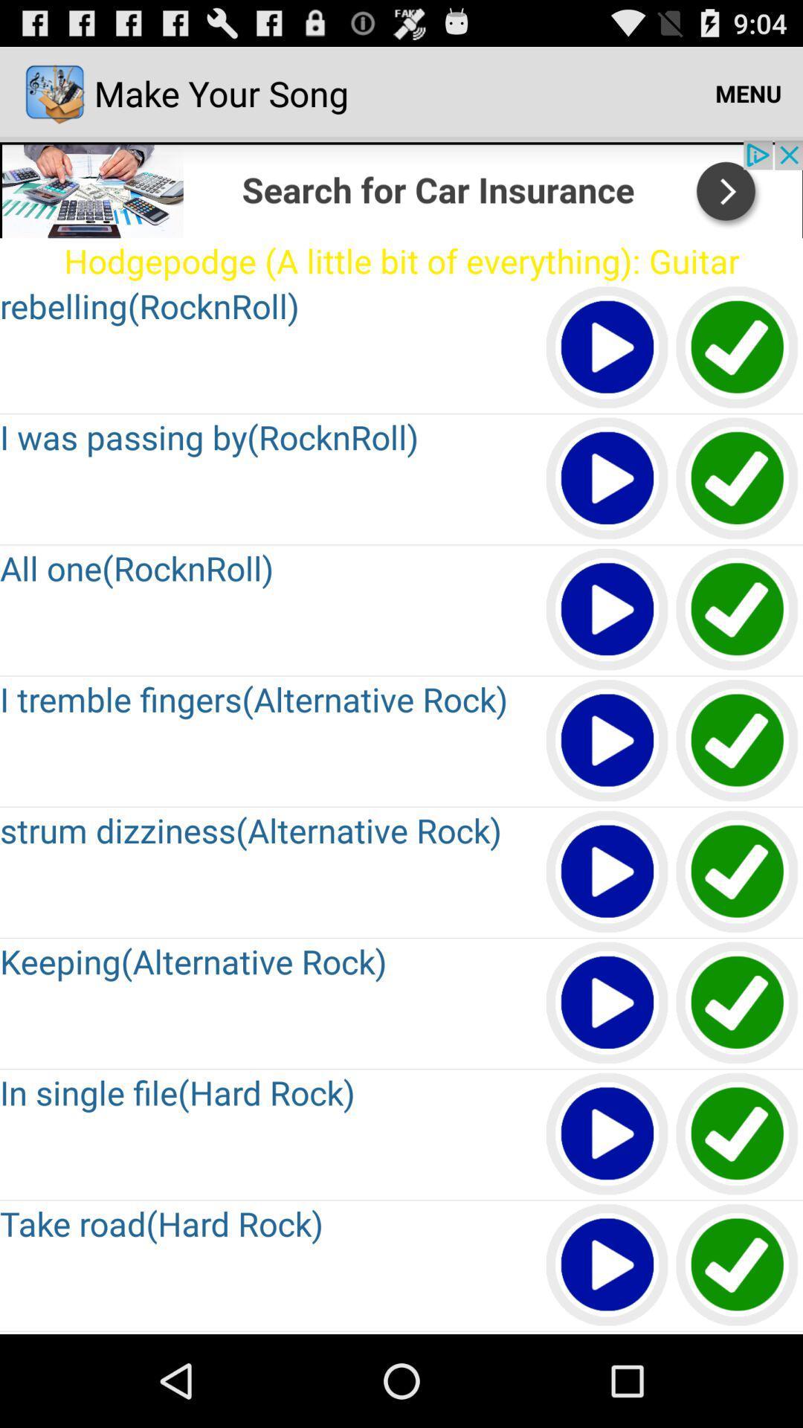  Describe the element at coordinates (401, 188) in the screenshot. I see `go next` at that location.